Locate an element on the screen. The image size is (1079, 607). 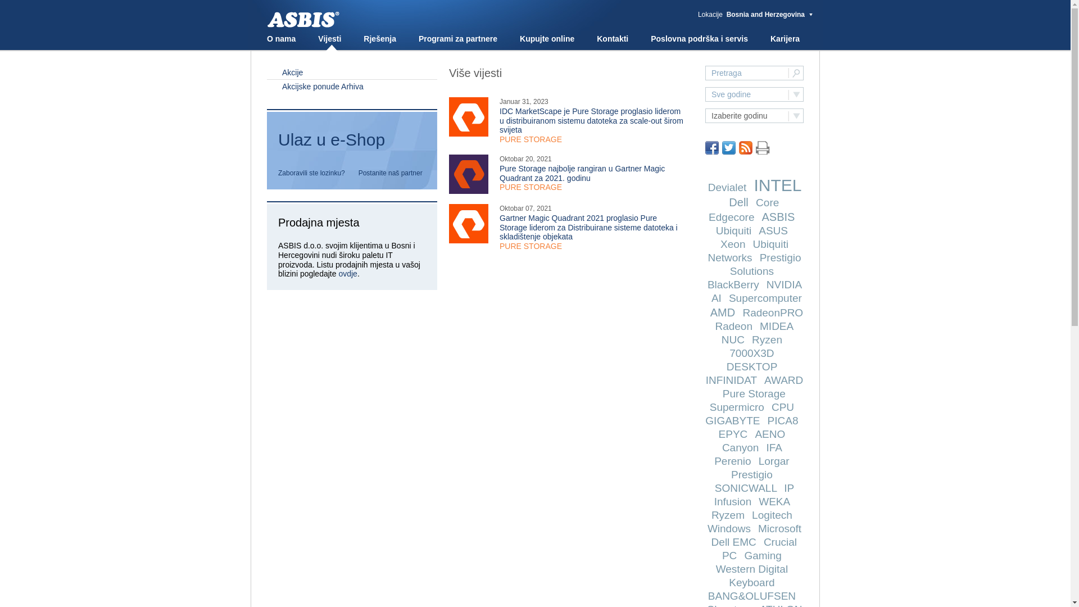
'Radeon' is located at coordinates (733, 326).